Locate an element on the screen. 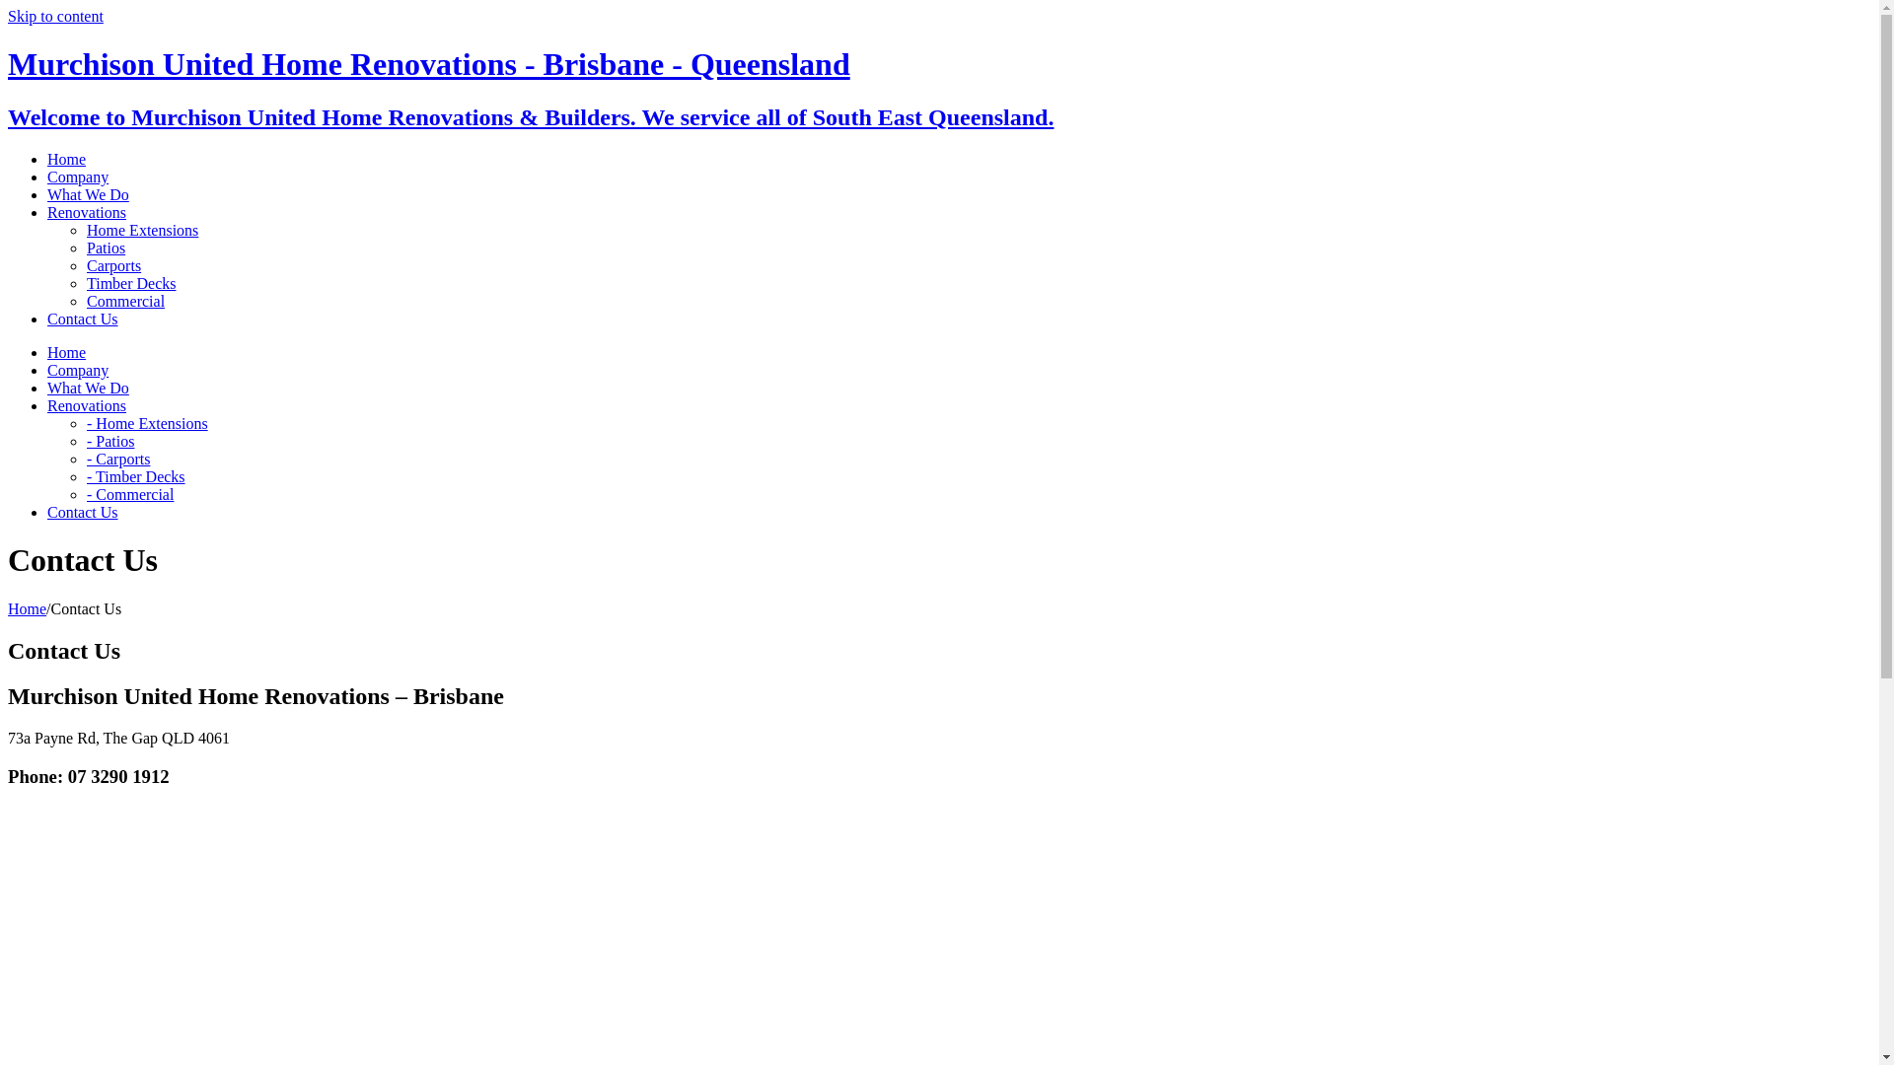 The image size is (1894, 1065). '- Commercial' is located at coordinates (128, 493).